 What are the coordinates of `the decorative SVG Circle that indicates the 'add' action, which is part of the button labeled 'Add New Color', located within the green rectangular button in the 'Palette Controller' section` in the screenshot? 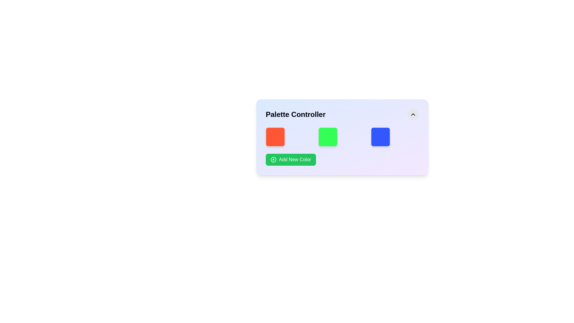 It's located at (273, 159).